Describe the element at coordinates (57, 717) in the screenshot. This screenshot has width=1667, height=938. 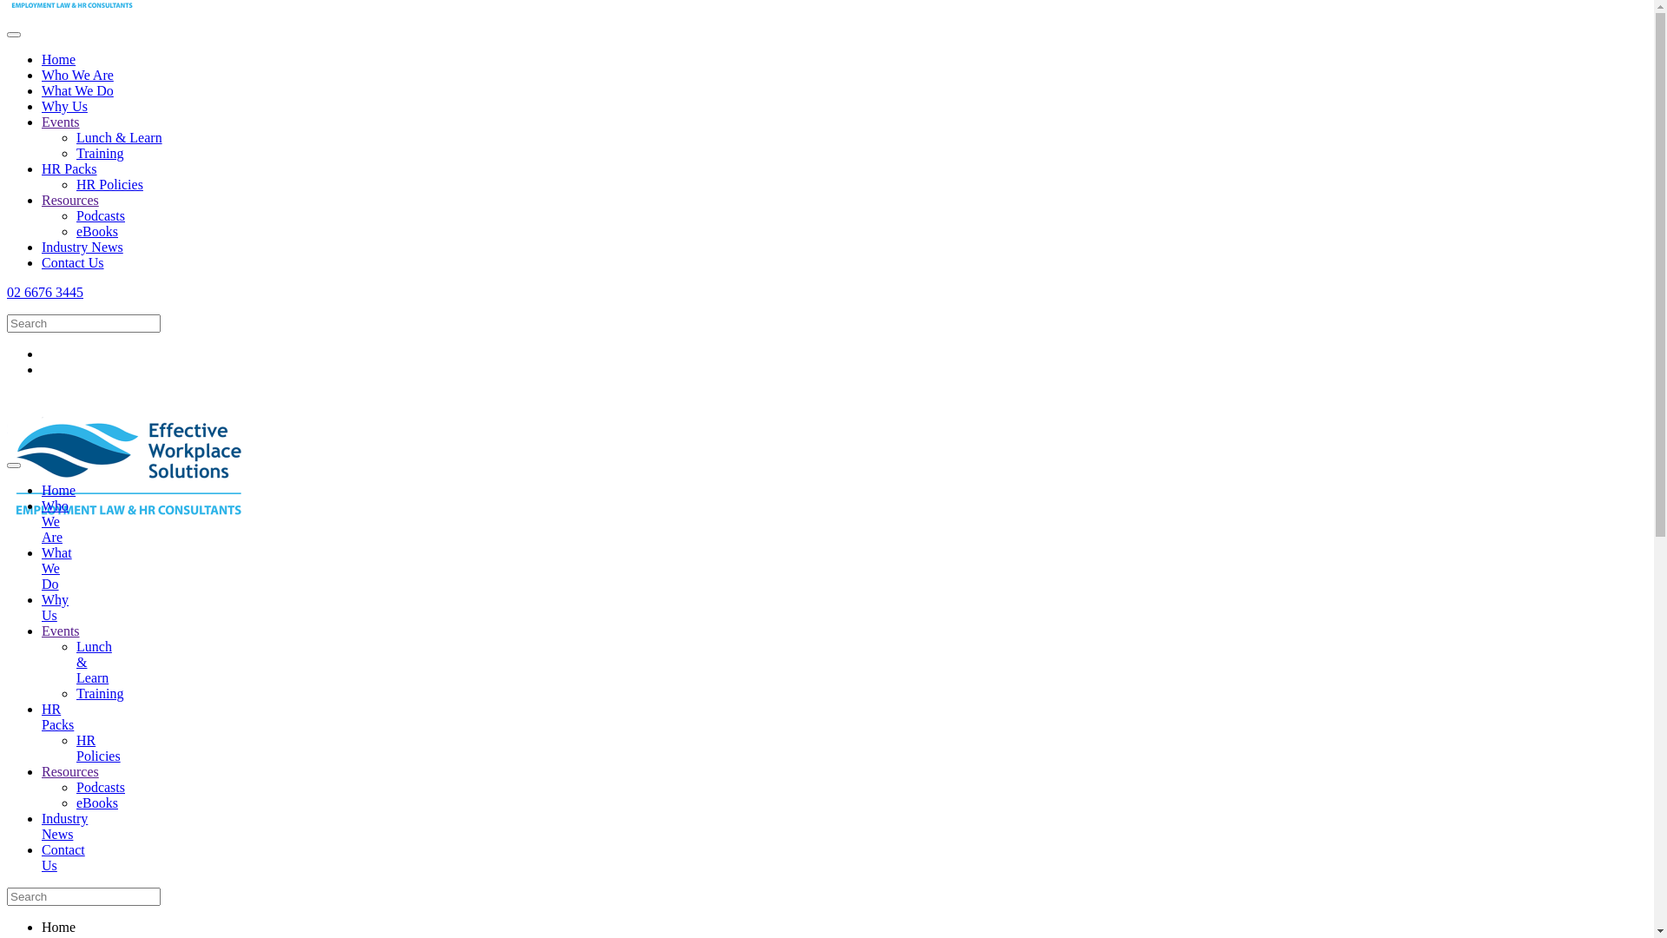
I see `'HR Packs'` at that location.